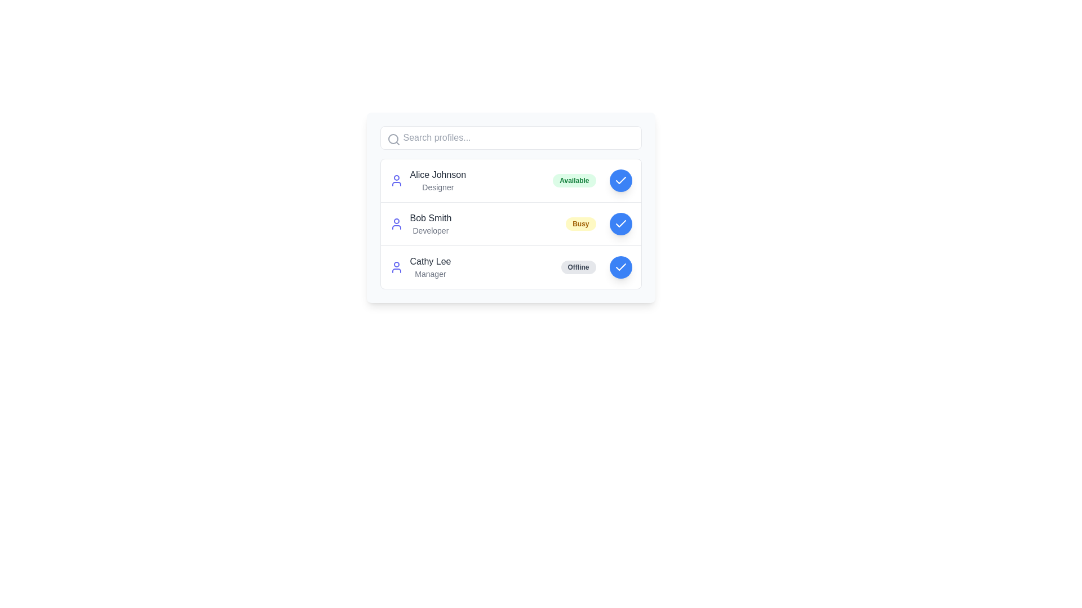 The image size is (1082, 608). Describe the element at coordinates (430, 218) in the screenshot. I see `the text label displaying 'Bob Smith' to select the text, which is styled in a medium-weight font and dark gray color` at that location.